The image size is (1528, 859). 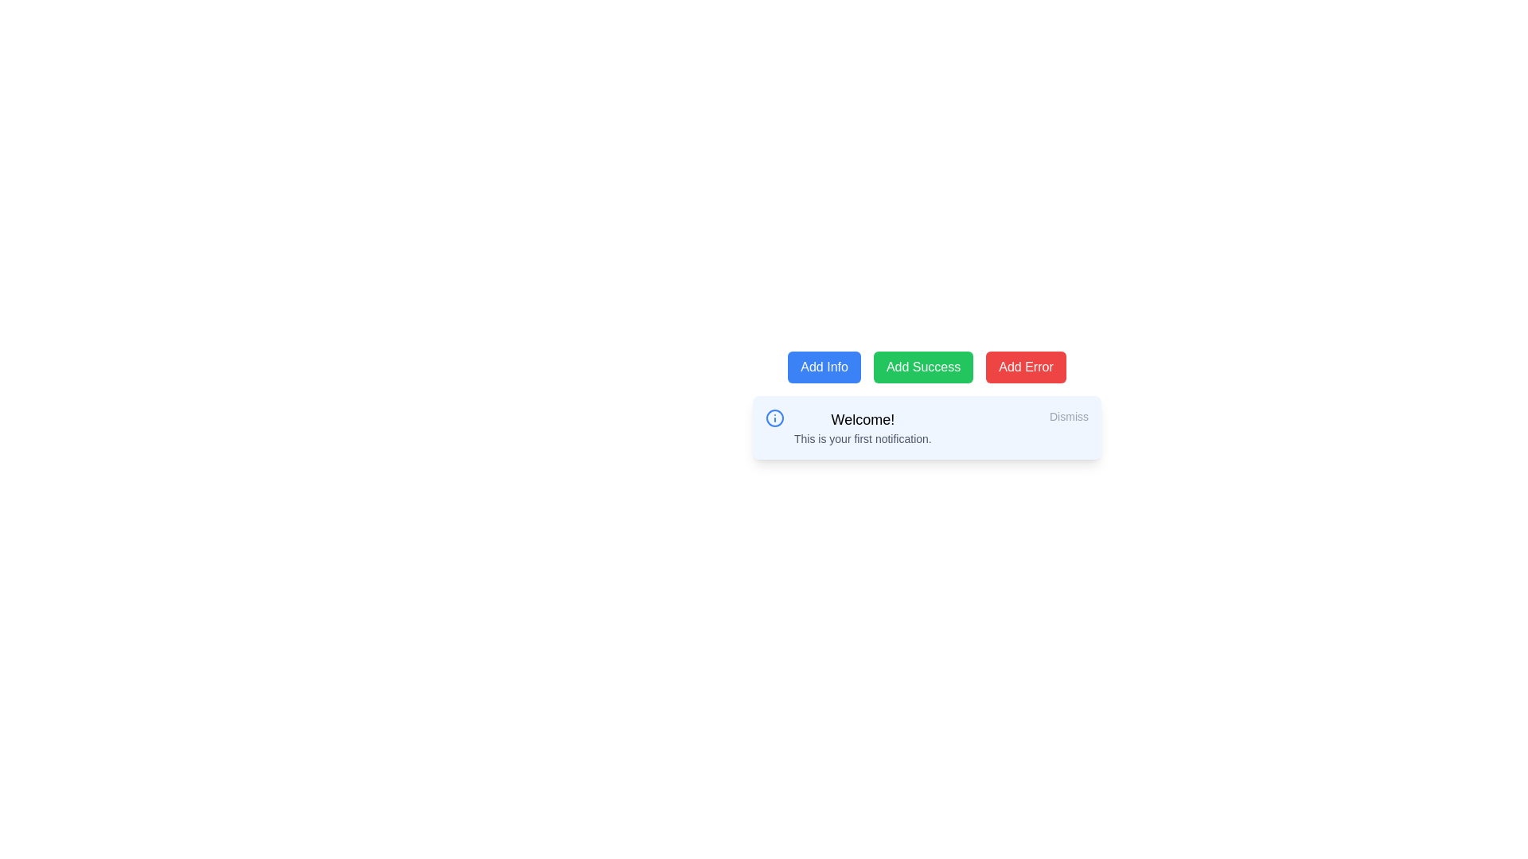 I want to click on the central circle of the information icon located to the left of the notification panel, so click(x=775, y=417).